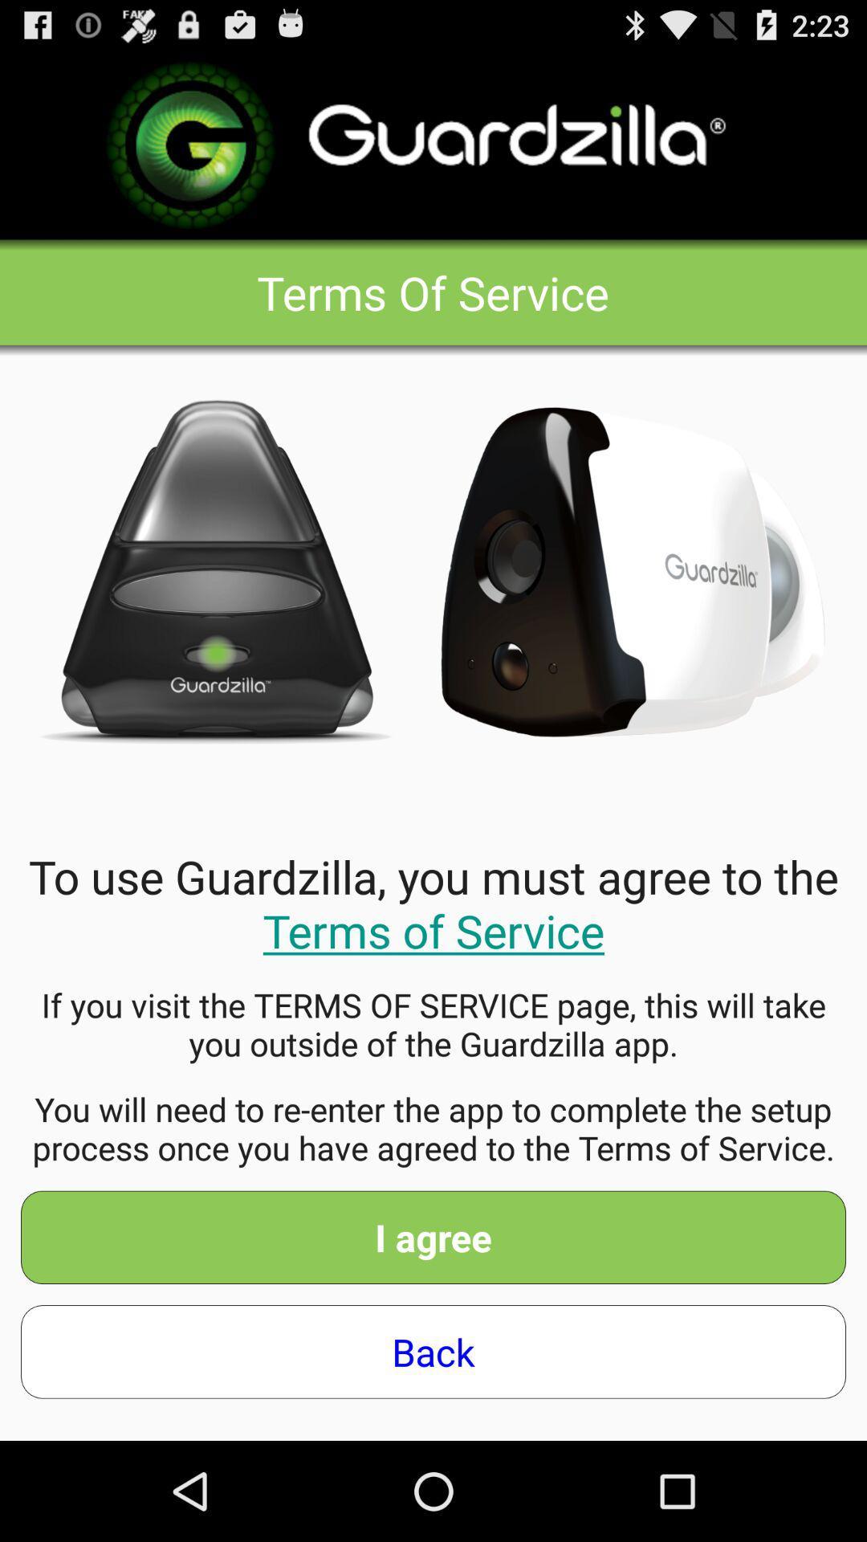  I want to click on item above the if you visit icon, so click(433, 903).